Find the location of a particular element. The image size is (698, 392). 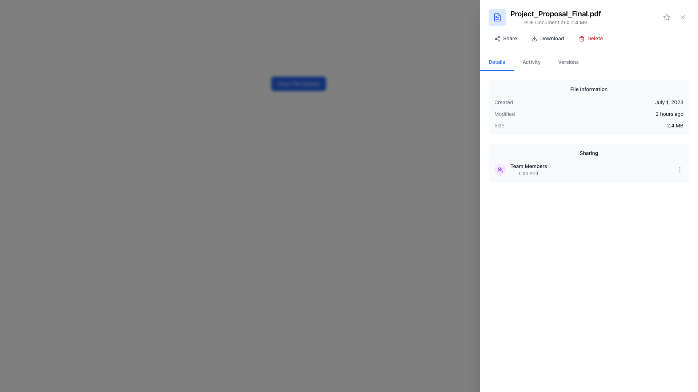

the star-shaped icon located at the top right corner of the interface is located at coordinates (666, 17).